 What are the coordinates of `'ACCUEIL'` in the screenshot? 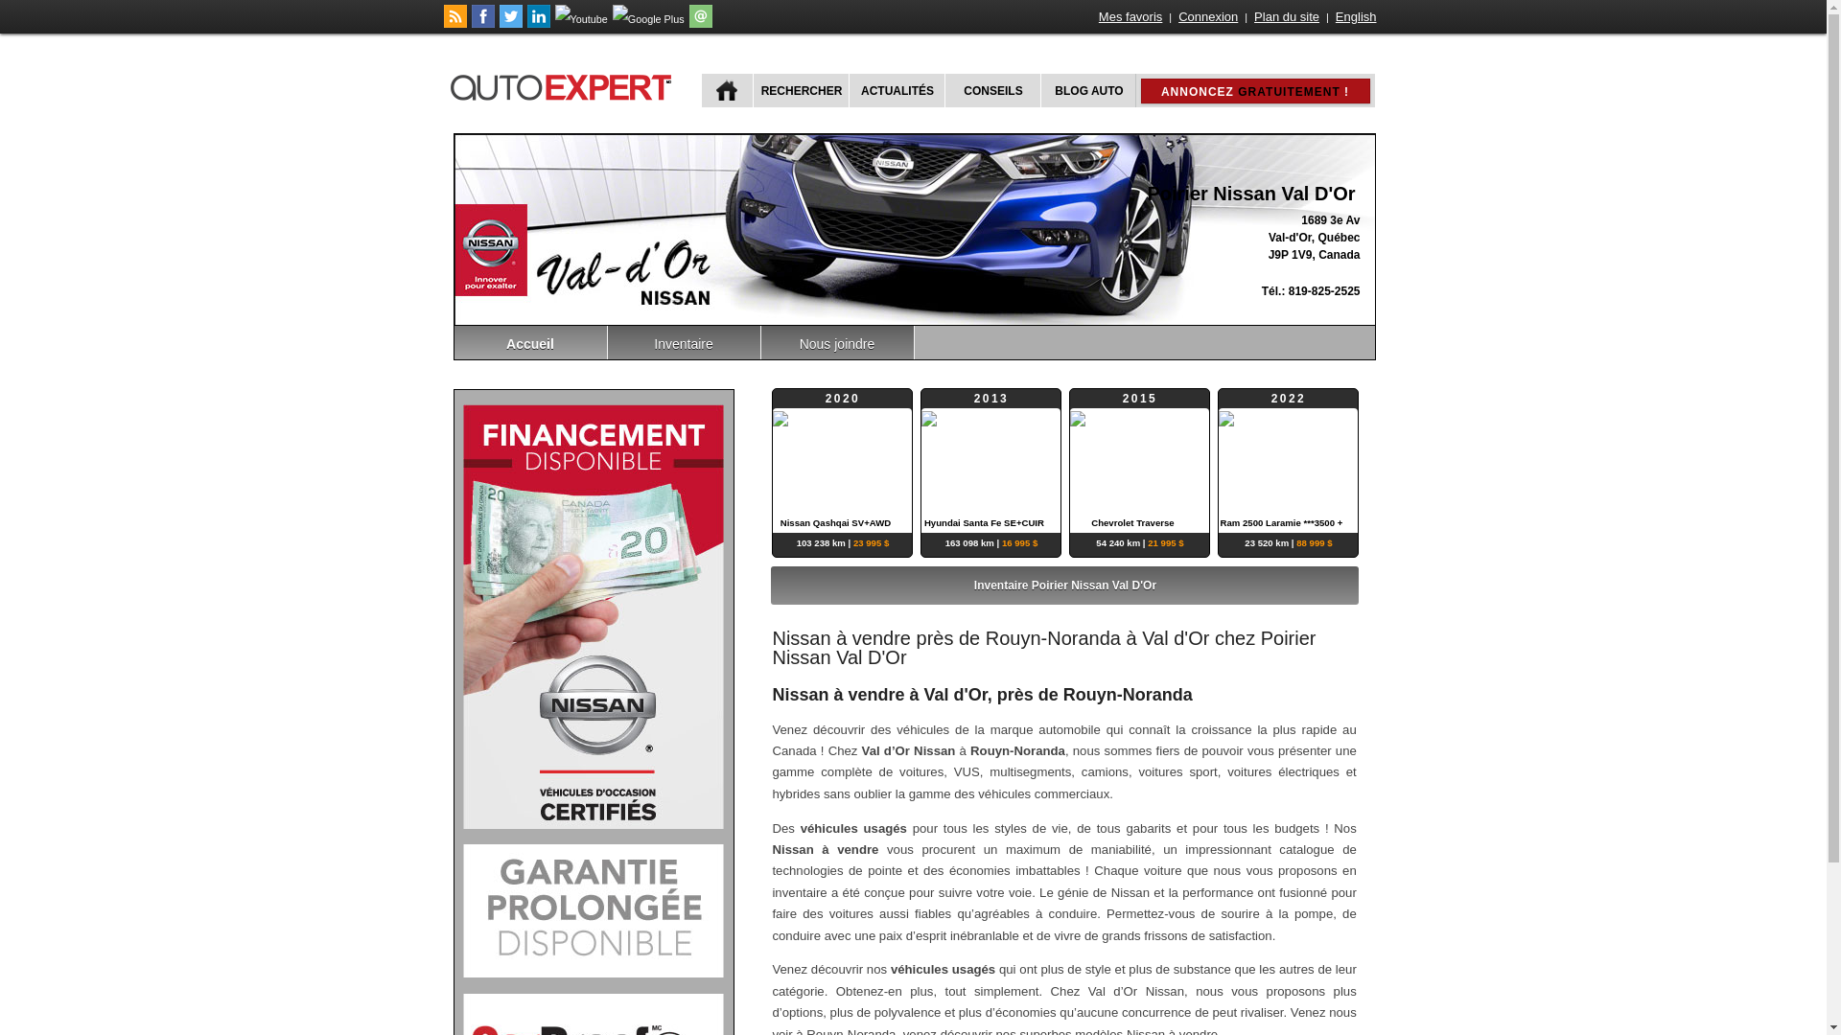 It's located at (726, 90).